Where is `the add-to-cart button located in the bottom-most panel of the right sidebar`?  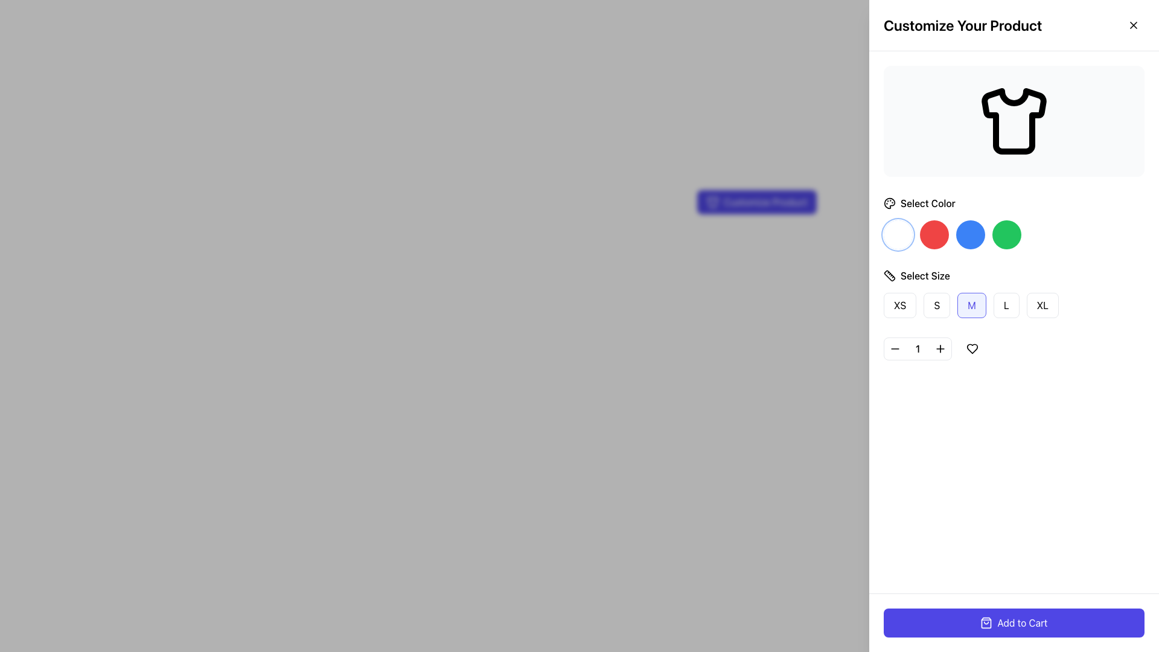
the add-to-cart button located in the bottom-most panel of the right sidebar is located at coordinates (1014, 623).